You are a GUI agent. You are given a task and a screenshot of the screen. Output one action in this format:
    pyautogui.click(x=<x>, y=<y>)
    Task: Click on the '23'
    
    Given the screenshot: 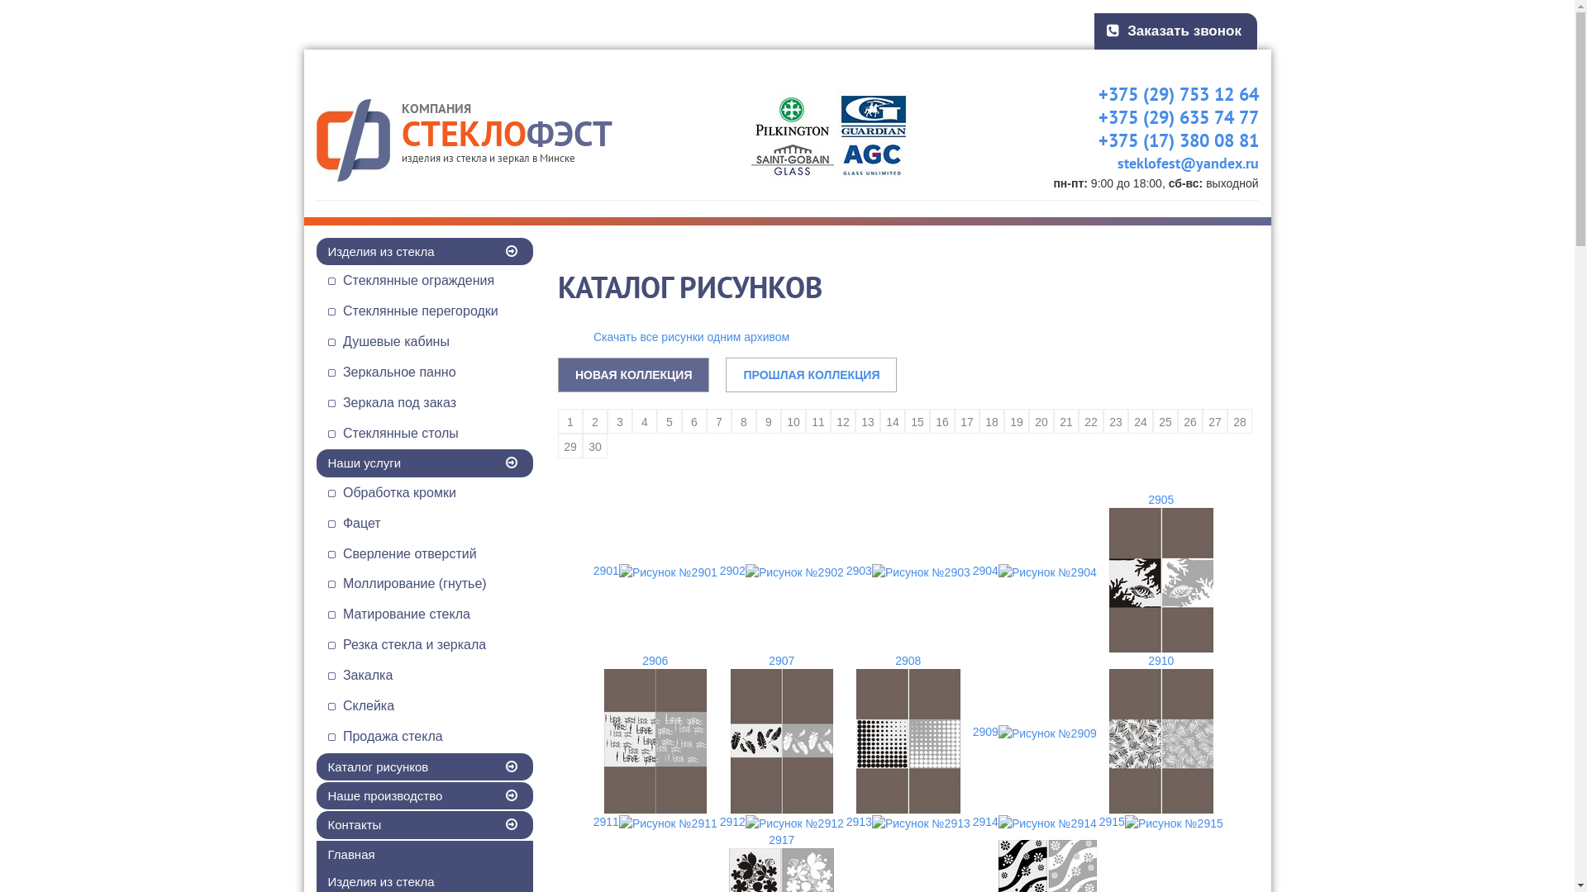 What is the action you would take?
    pyautogui.click(x=1115, y=420)
    